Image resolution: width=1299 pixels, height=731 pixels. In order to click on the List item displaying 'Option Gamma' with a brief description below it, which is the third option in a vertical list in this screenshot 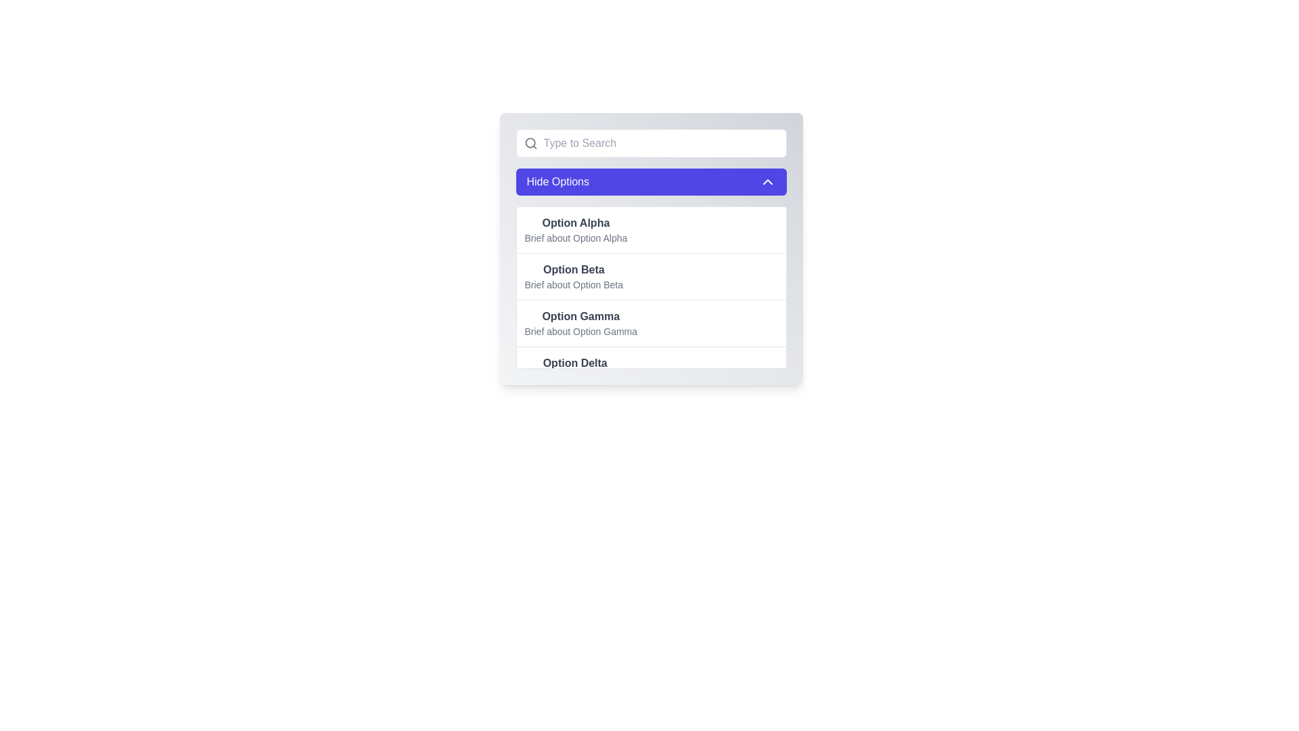, I will do `click(651, 323)`.